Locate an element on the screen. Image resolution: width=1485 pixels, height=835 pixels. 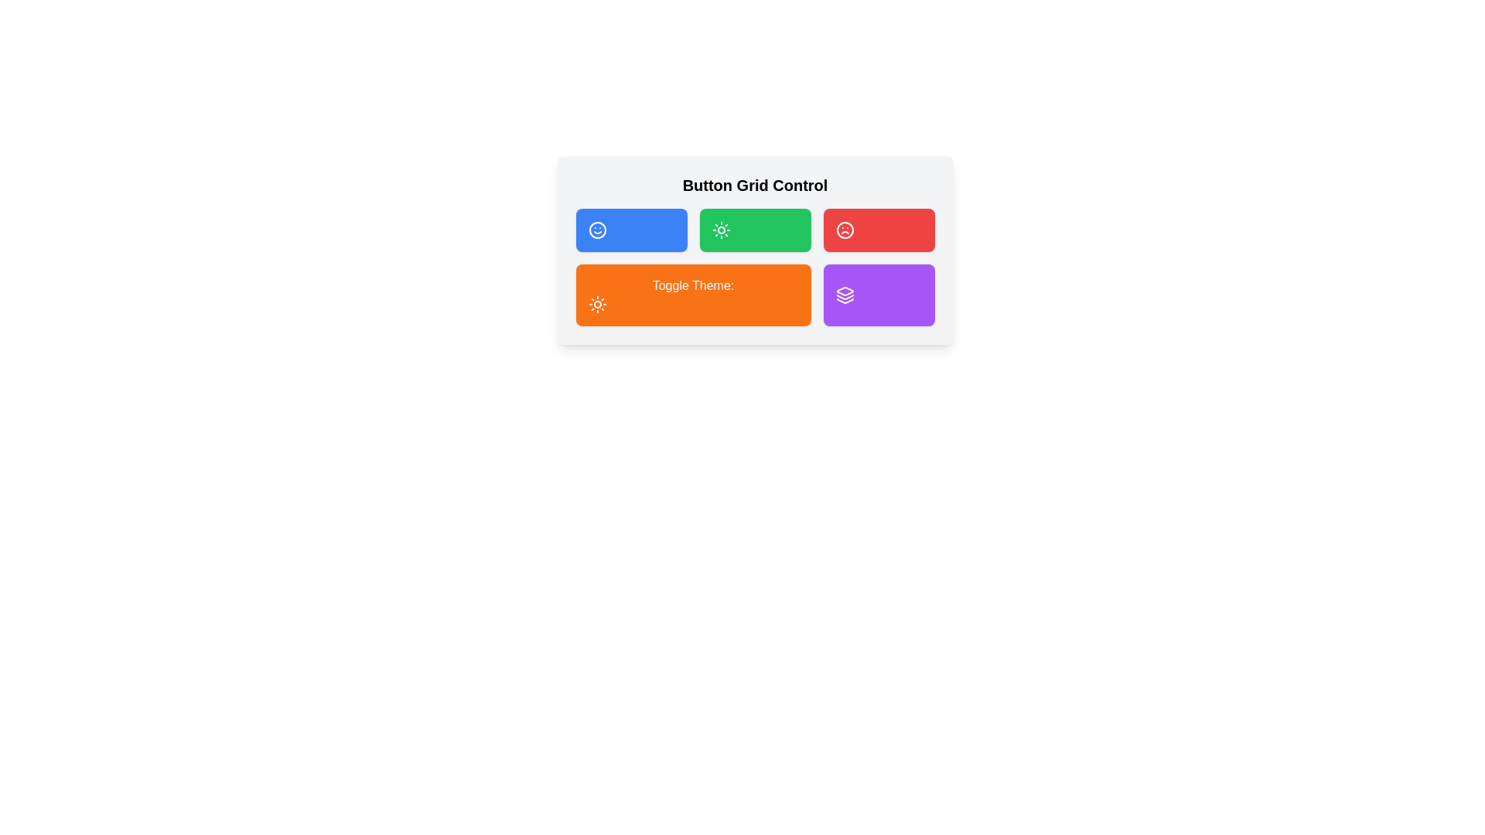
the SVG circle graphic, which is part of a smiling face icon, by clicking nearby for accessibility is located at coordinates (596, 230).